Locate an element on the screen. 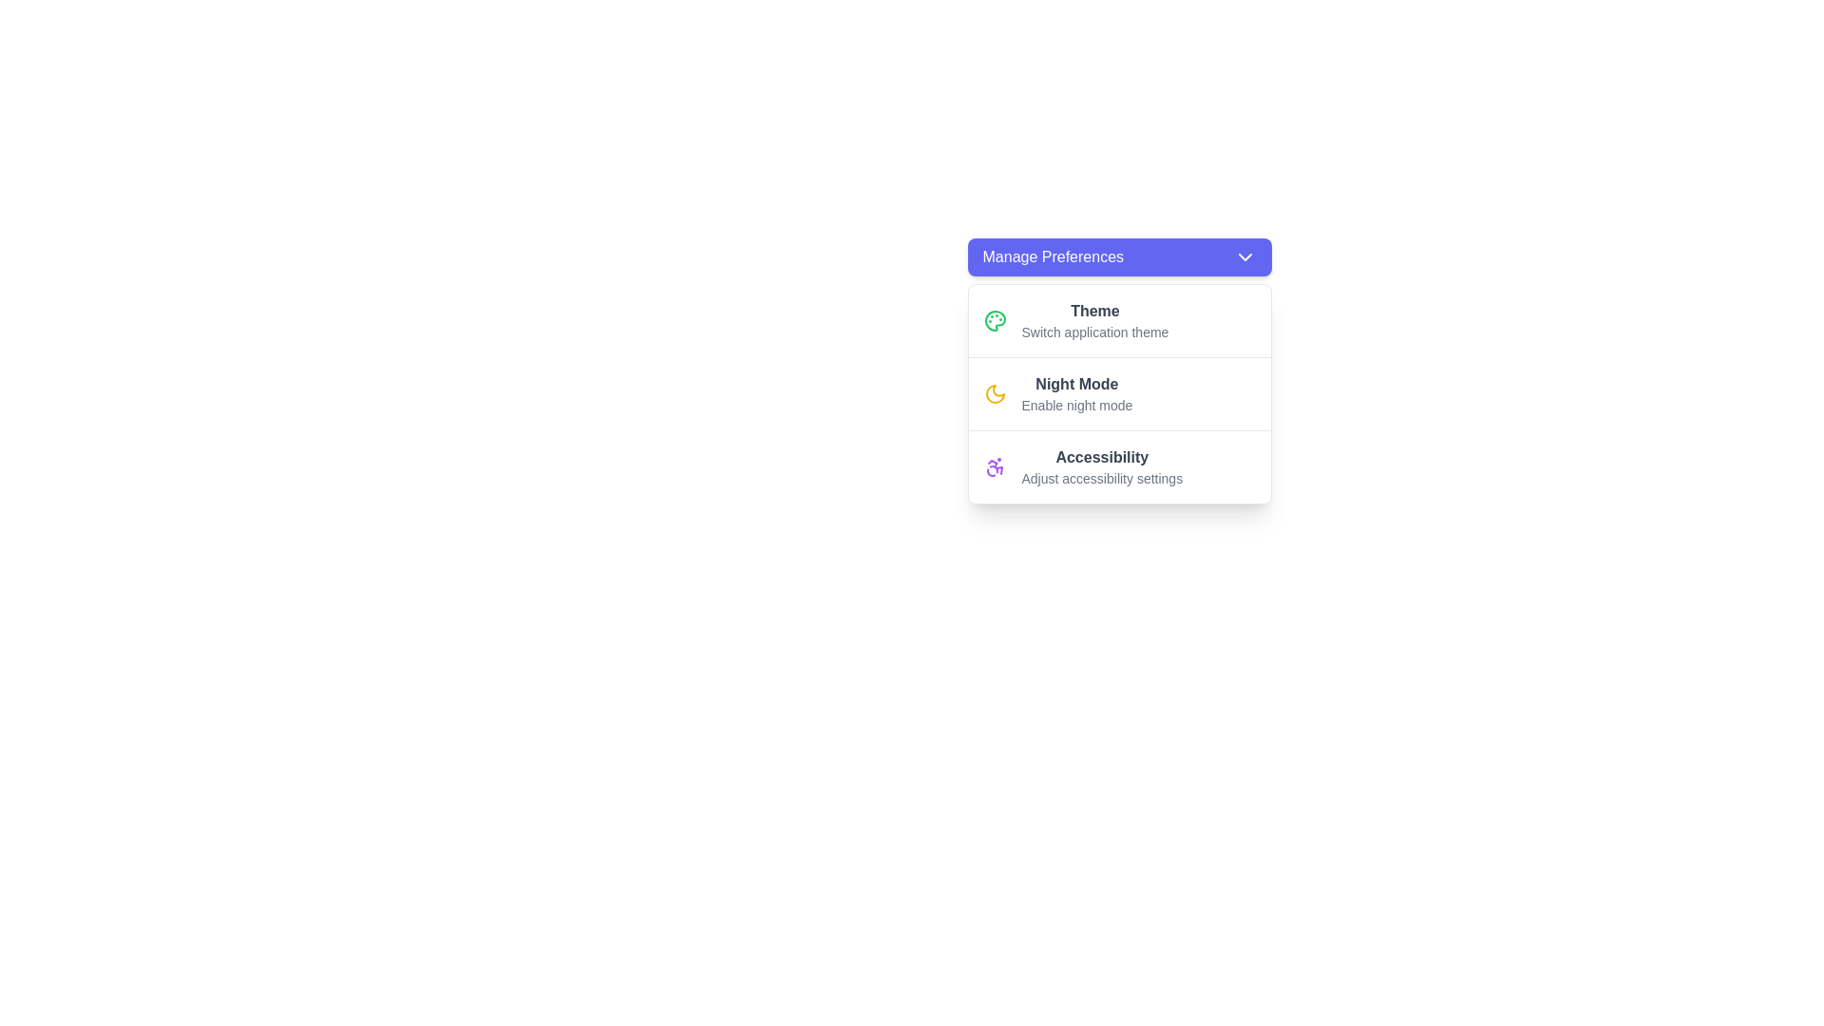  the 'Night Mode' icon located in the second list item group of the dropdown menu under 'Manage Preferences', which symbolizes the selection of the night mode feature is located at coordinates (994, 393).